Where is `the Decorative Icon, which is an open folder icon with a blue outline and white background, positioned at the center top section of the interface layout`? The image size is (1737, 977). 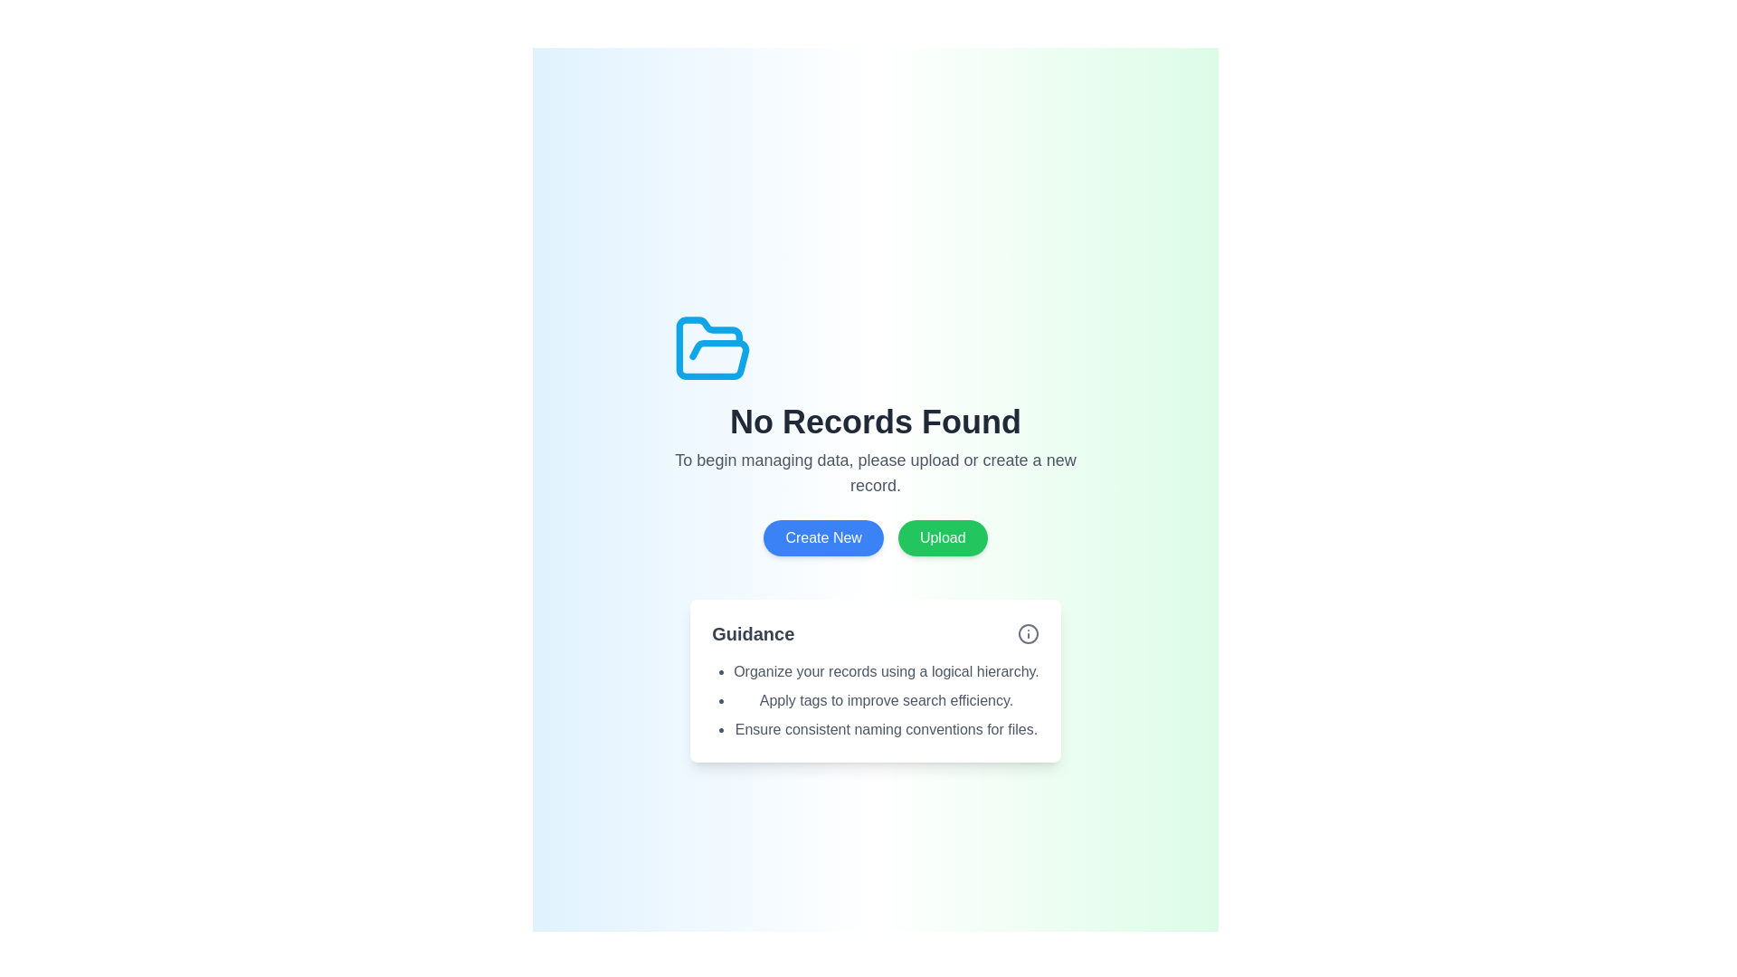 the Decorative Icon, which is an open folder icon with a blue outline and white background, positioned at the center top section of the interface layout is located at coordinates (711, 348).